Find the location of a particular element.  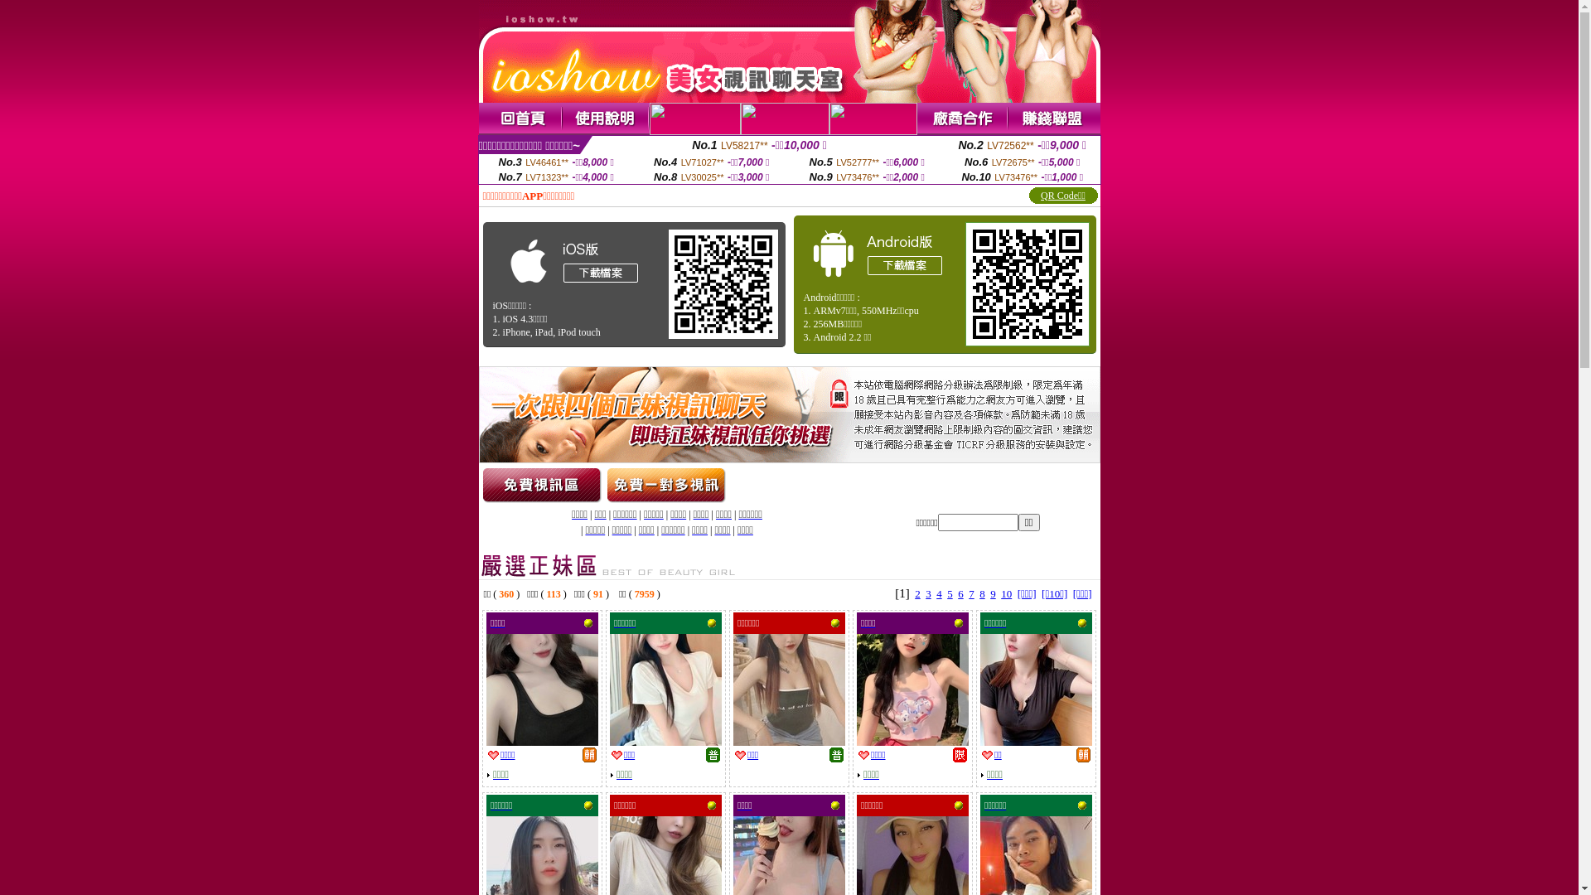

'5' is located at coordinates (950, 593).